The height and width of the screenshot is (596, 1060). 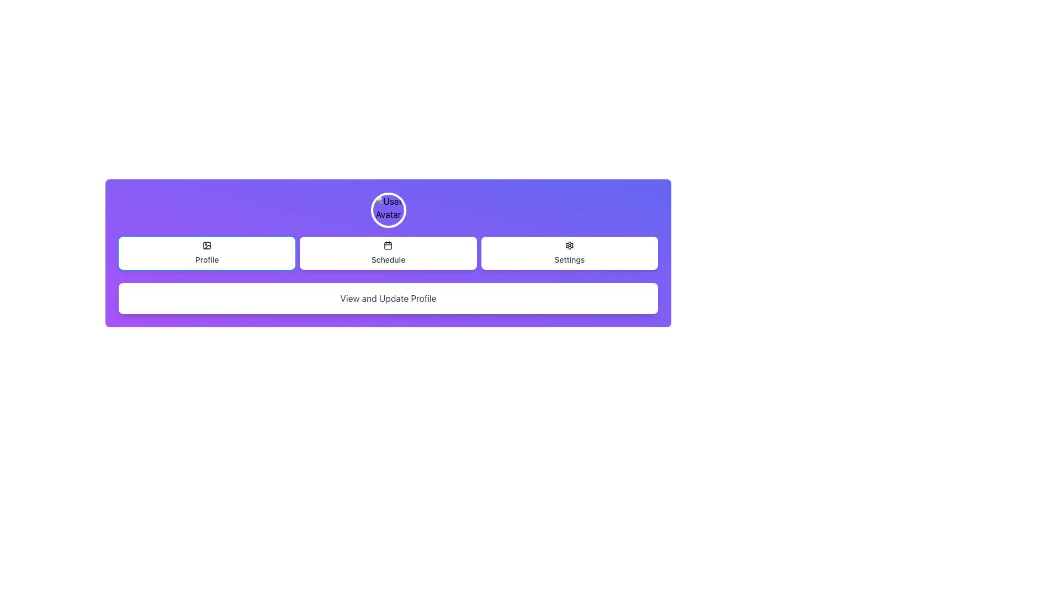 I want to click on the Icon (SVG Image) representing user imagery or profile functionalities, located in the top-left corner of the 'Profile' section, so click(x=207, y=244).